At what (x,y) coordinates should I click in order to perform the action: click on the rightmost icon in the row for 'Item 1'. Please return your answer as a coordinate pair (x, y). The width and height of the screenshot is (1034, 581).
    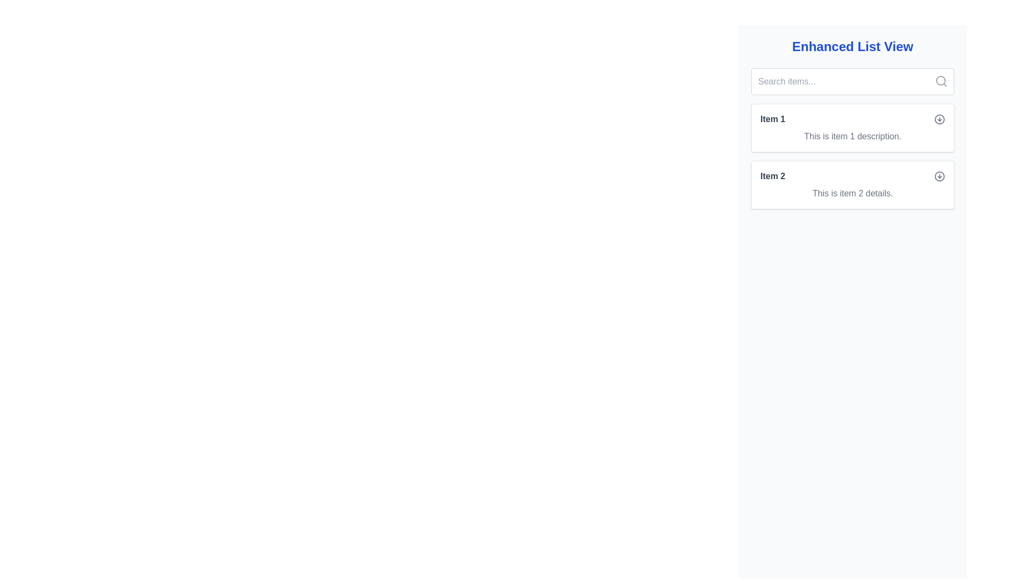
    Looking at the image, I should click on (939, 119).